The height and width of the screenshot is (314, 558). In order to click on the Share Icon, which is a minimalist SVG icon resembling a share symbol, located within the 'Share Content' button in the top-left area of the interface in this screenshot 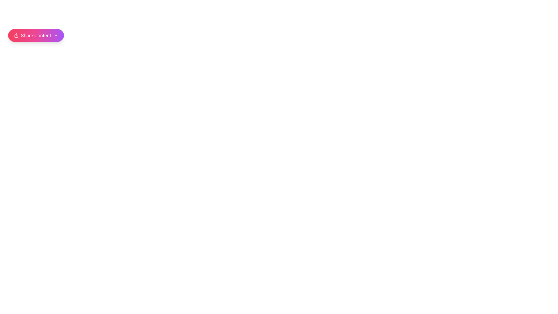, I will do `click(16, 35)`.